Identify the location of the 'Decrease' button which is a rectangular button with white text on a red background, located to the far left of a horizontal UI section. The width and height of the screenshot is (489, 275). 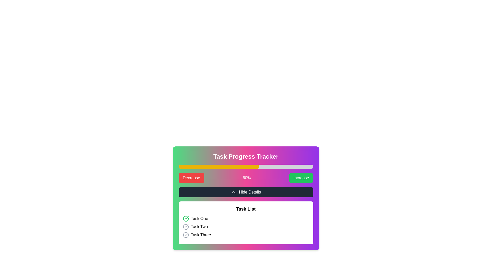
(191, 177).